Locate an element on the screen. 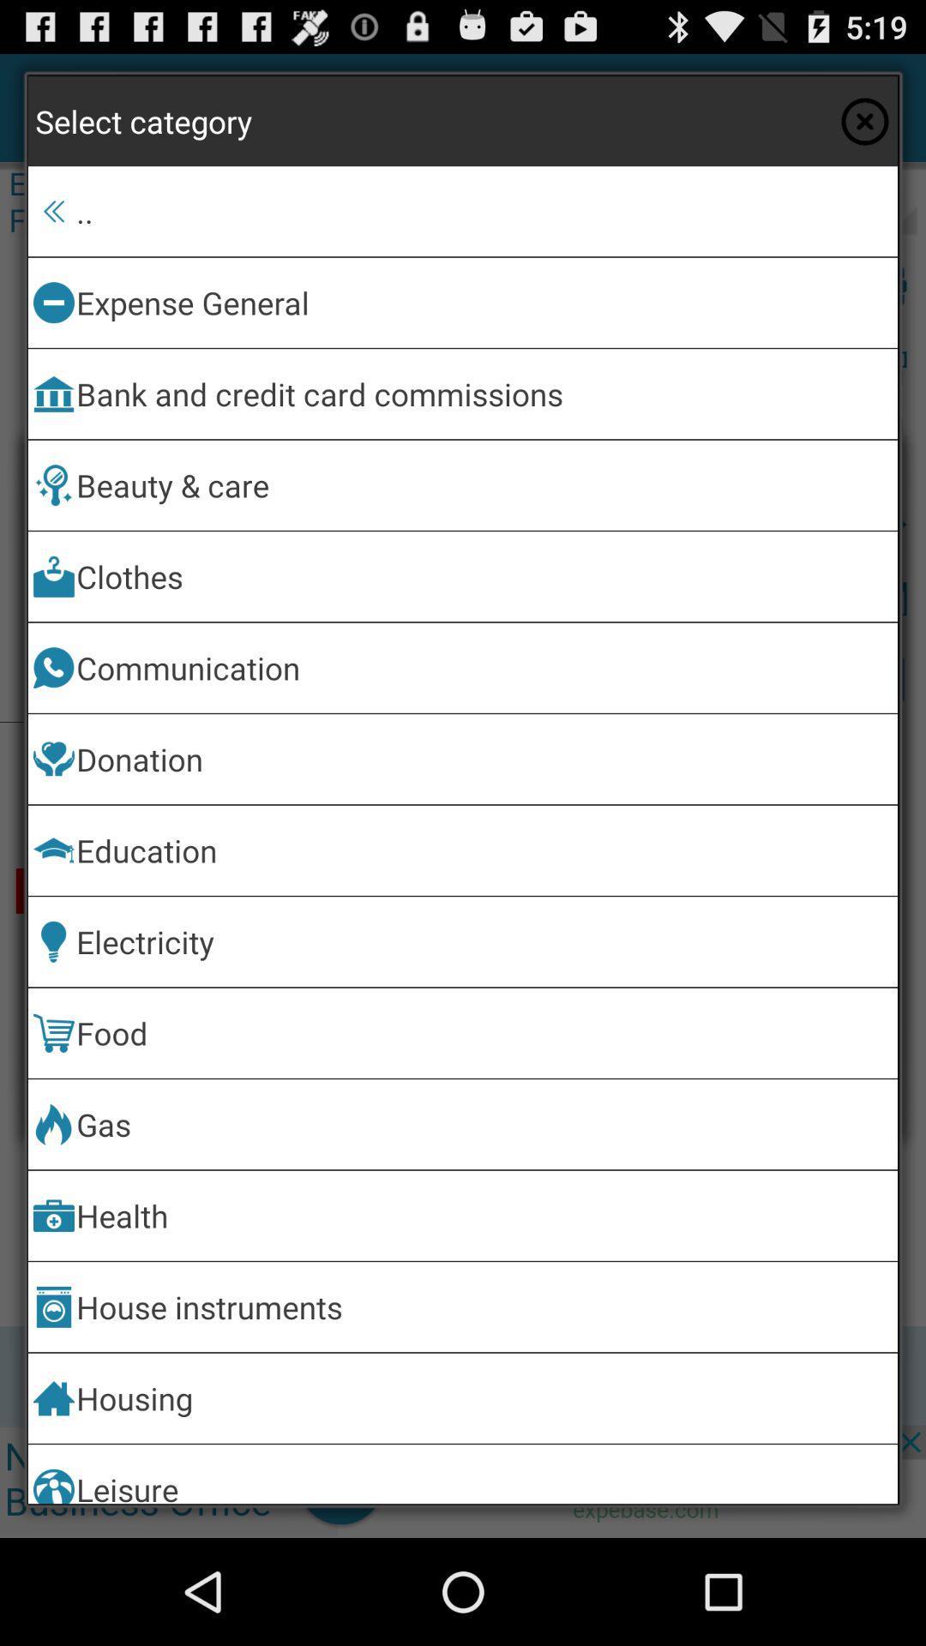  electricity is located at coordinates (484, 940).